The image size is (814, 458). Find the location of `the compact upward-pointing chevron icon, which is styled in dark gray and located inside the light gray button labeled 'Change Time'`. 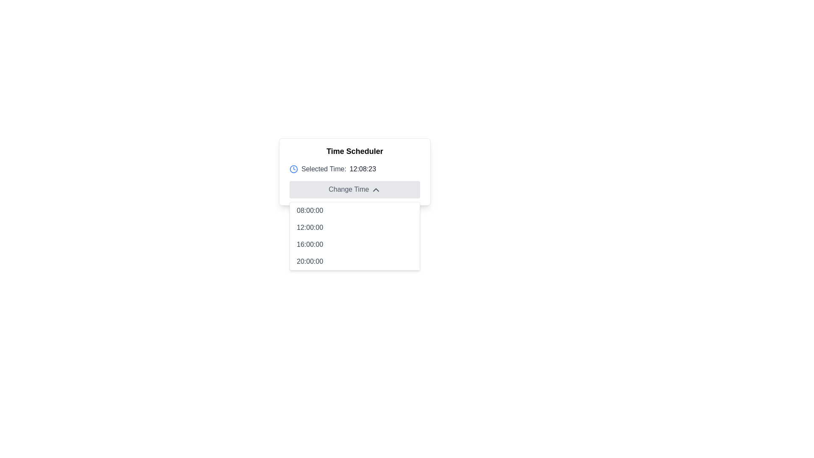

the compact upward-pointing chevron icon, which is styled in dark gray and located inside the light gray button labeled 'Change Time' is located at coordinates (375, 189).